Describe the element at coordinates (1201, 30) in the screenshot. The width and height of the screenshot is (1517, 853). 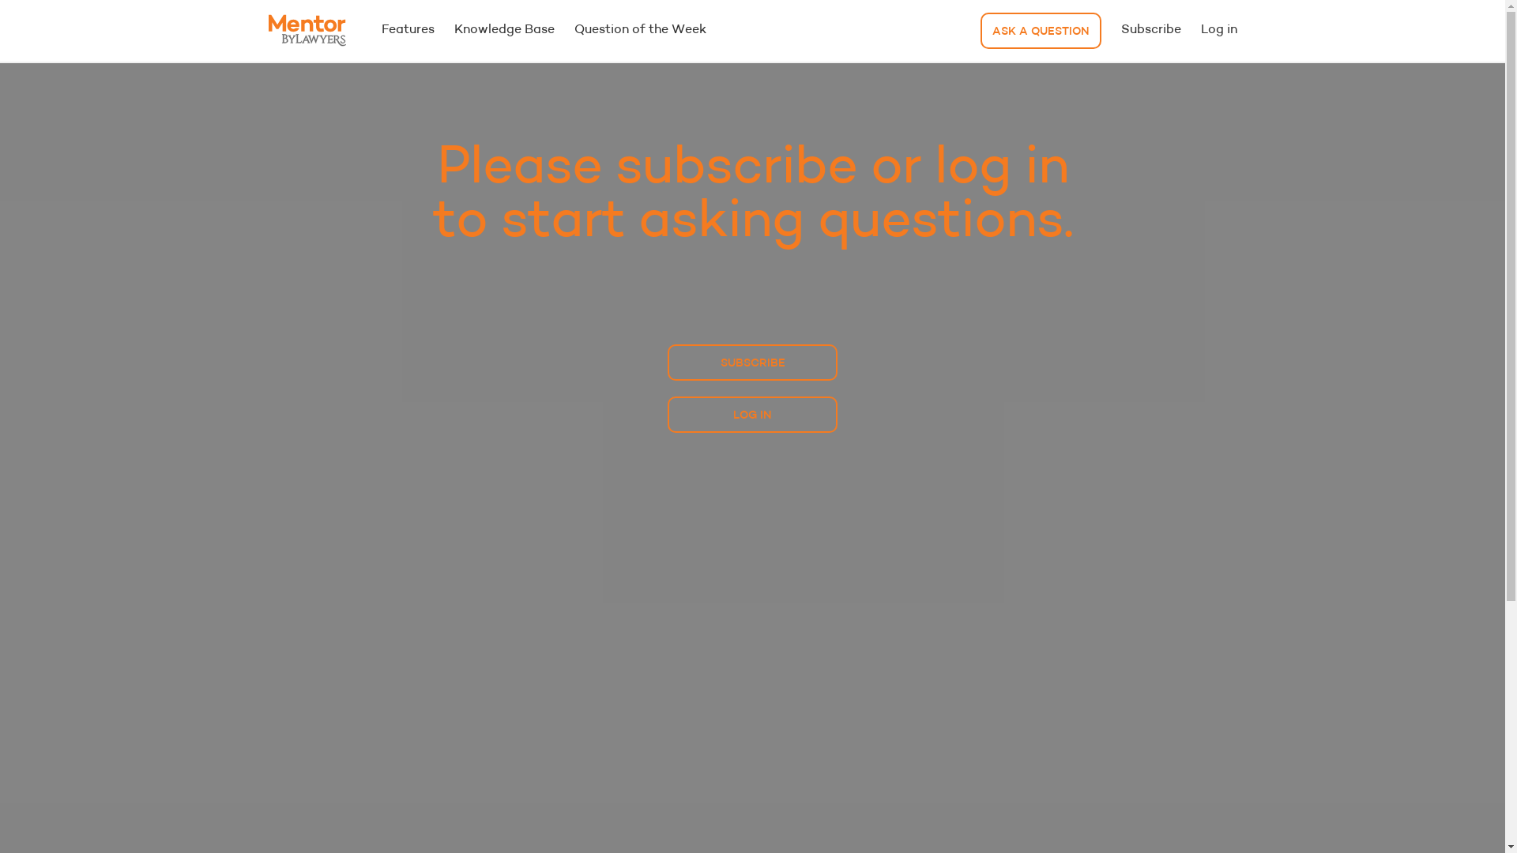
I see `'Log in'` at that location.